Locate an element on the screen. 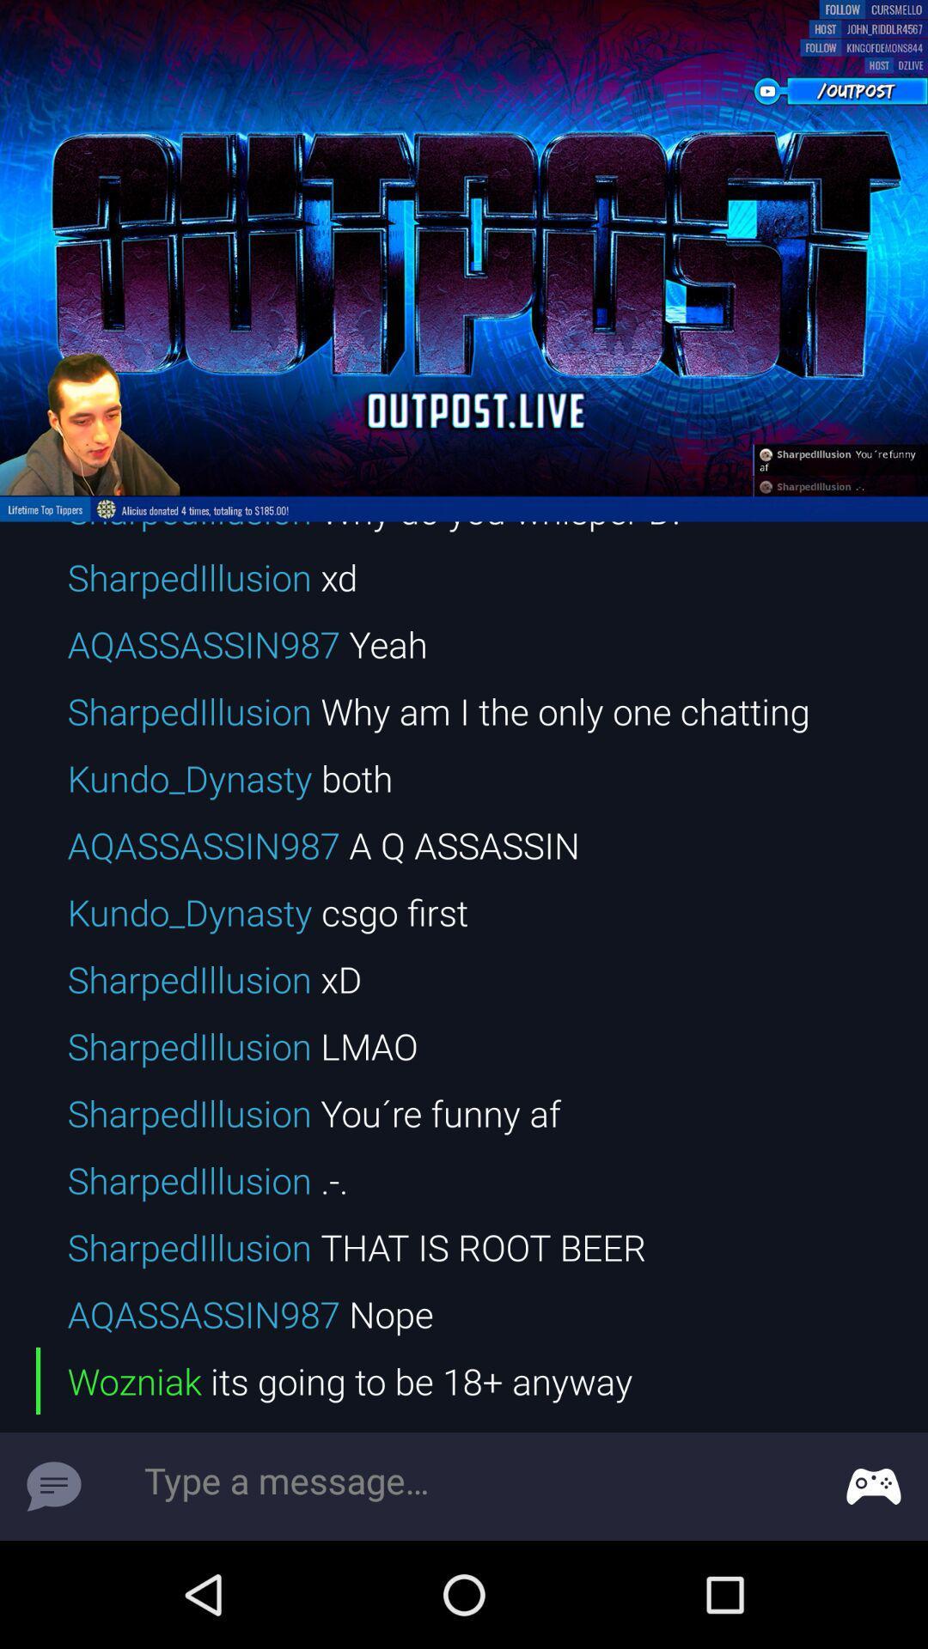 This screenshot has width=928, height=1649. type a message is located at coordinates (464, 1486).